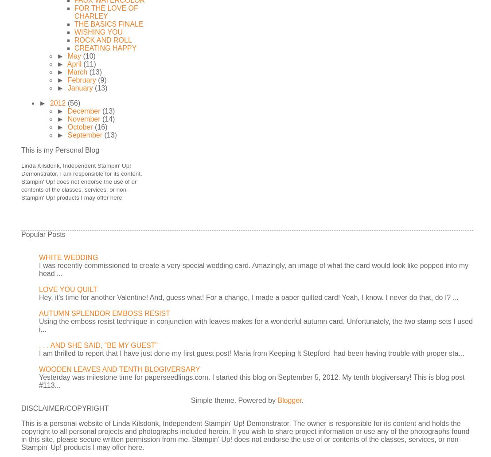 This screenshot has width=491, height=457. Describe the element at coordinates (85, 118) in the screenshot. I see `'November'` at that location.